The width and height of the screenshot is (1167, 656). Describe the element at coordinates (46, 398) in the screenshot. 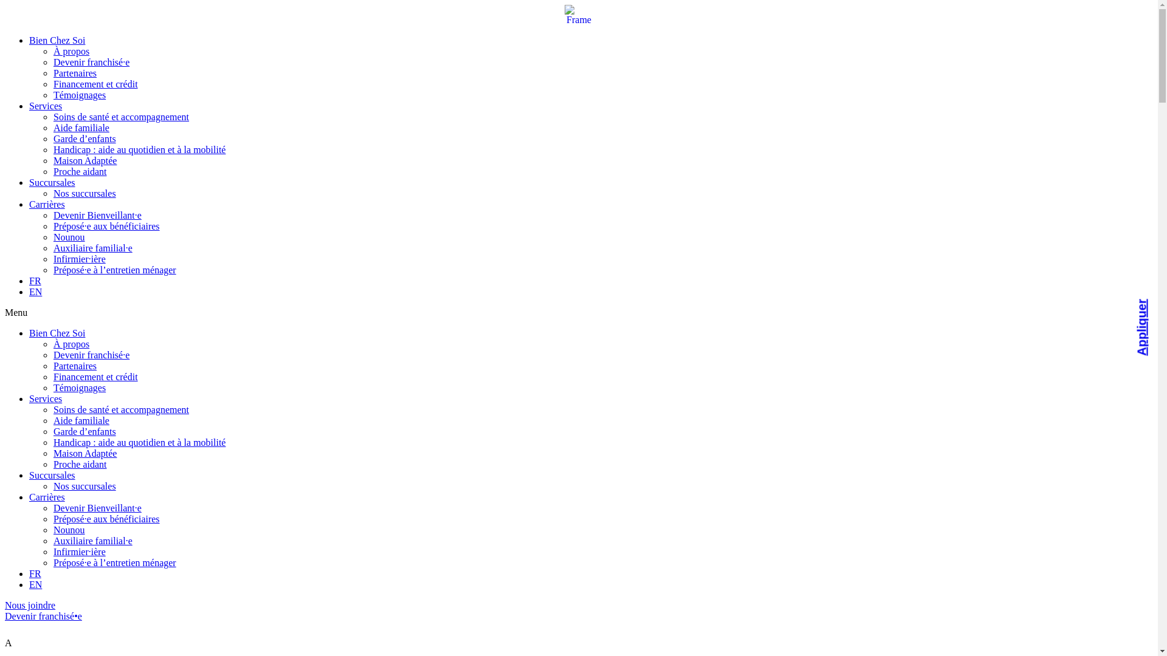

I see `'Services'` at that location.